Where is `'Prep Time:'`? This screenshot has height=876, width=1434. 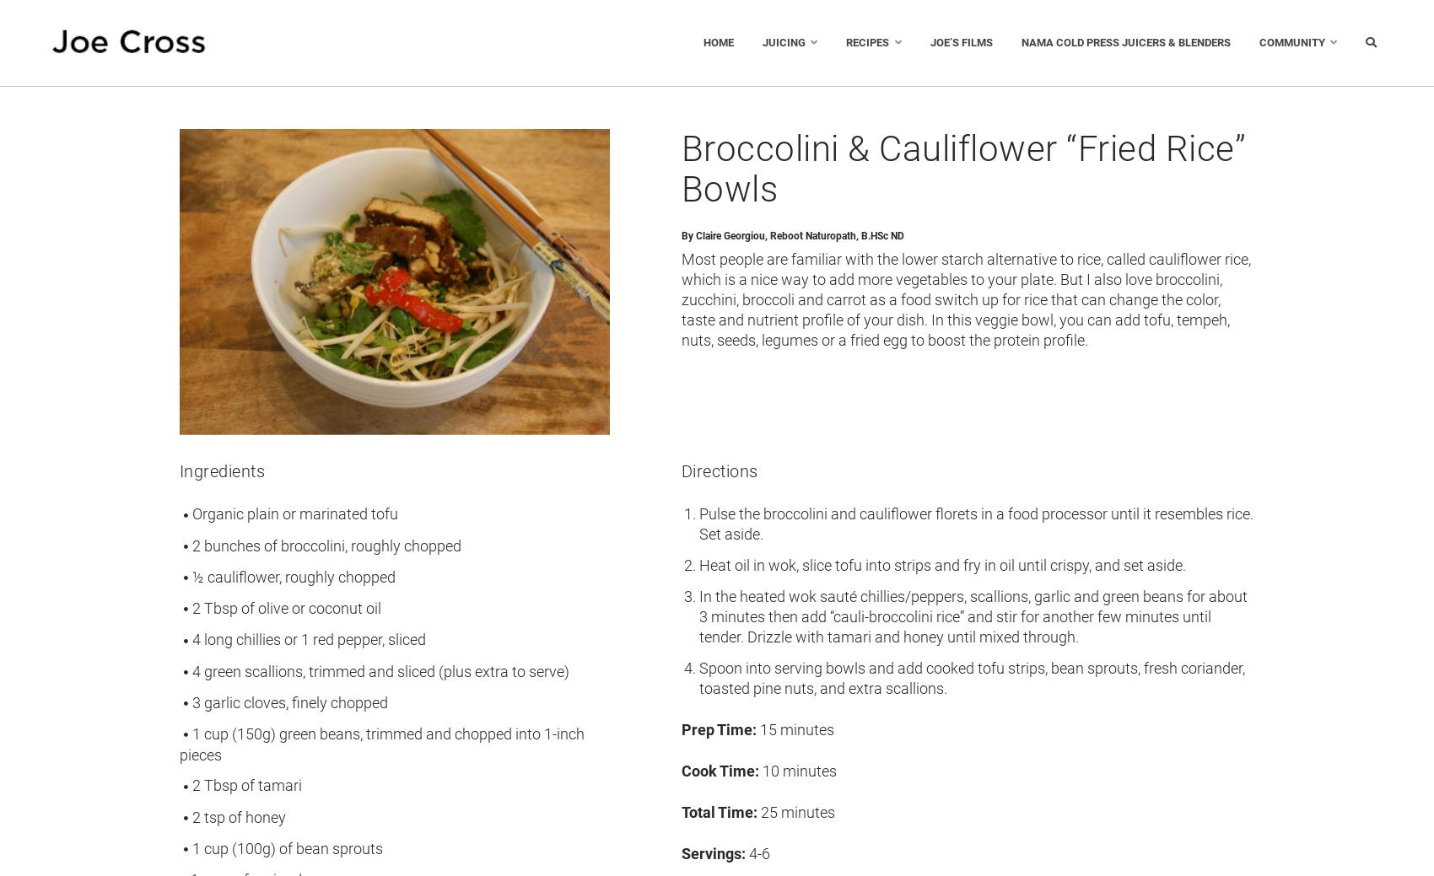 'Prep Time:' is located at coordinates (718, 728).